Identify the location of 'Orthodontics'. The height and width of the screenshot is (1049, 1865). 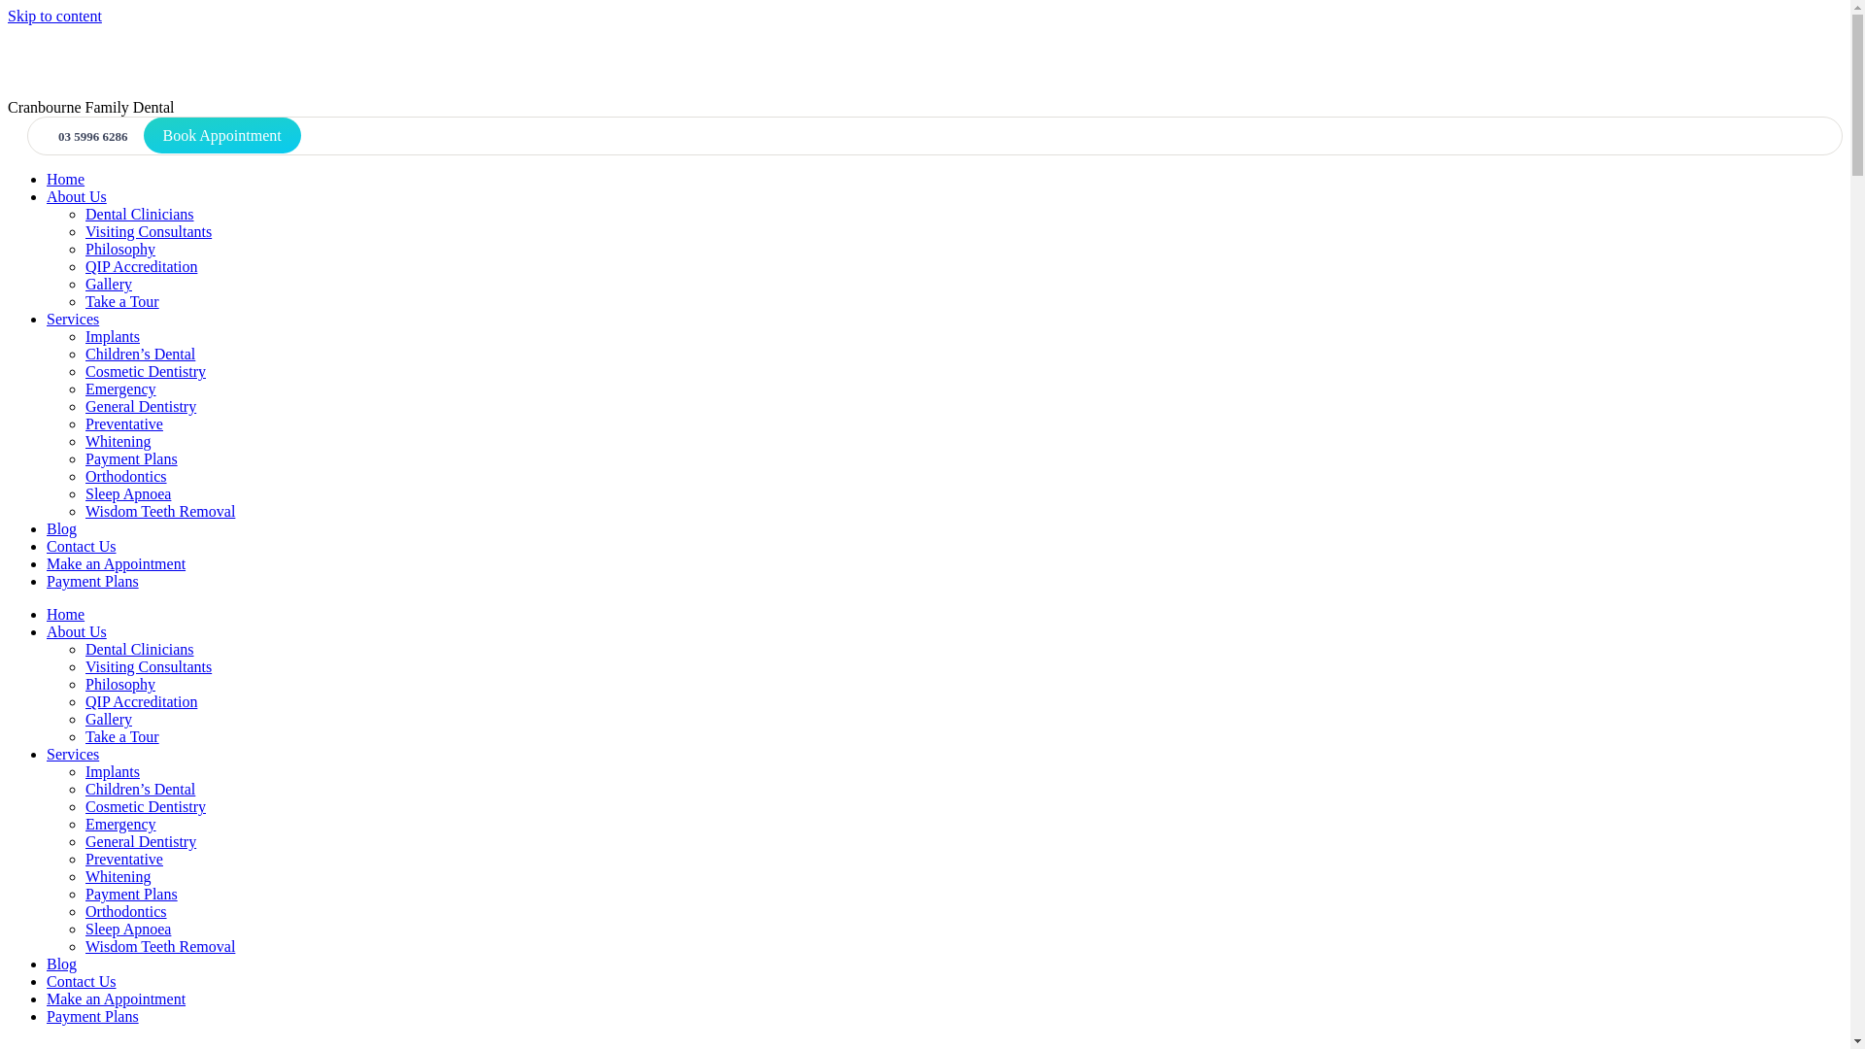
(124, 911).